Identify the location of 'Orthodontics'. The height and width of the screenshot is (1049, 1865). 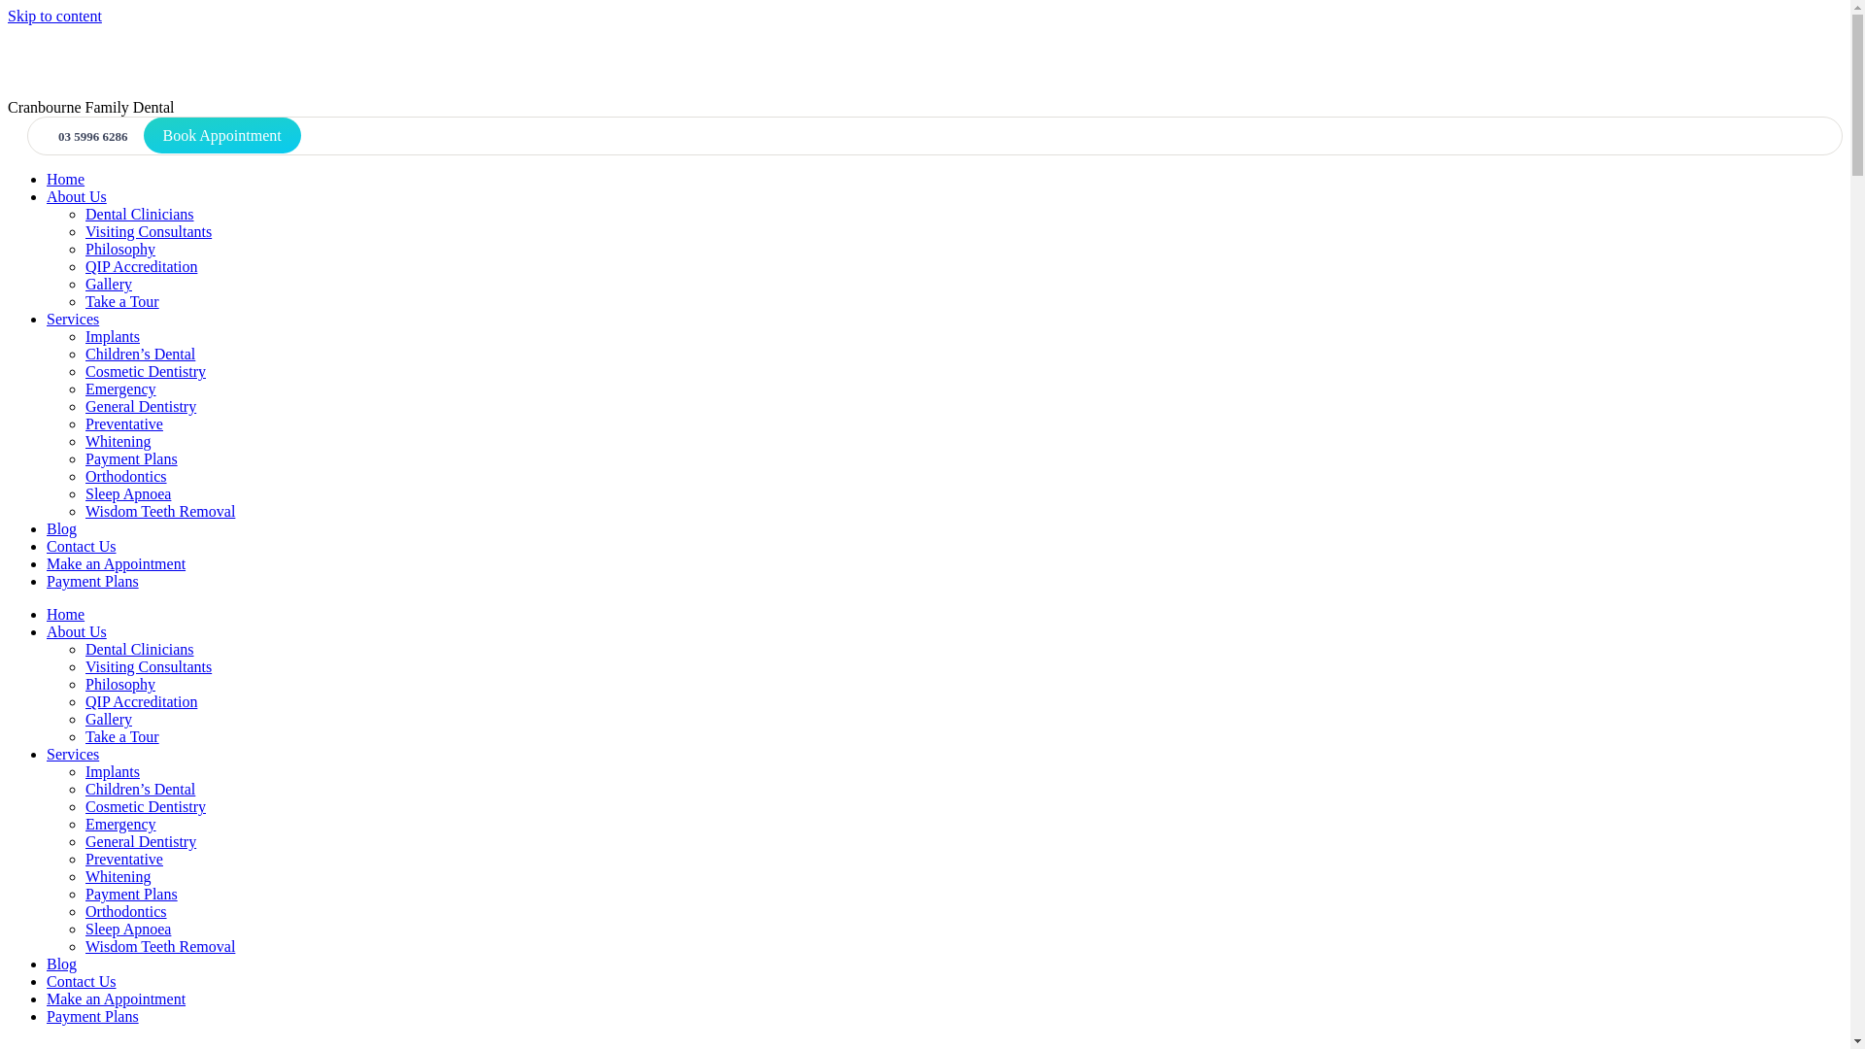
(124, 911).